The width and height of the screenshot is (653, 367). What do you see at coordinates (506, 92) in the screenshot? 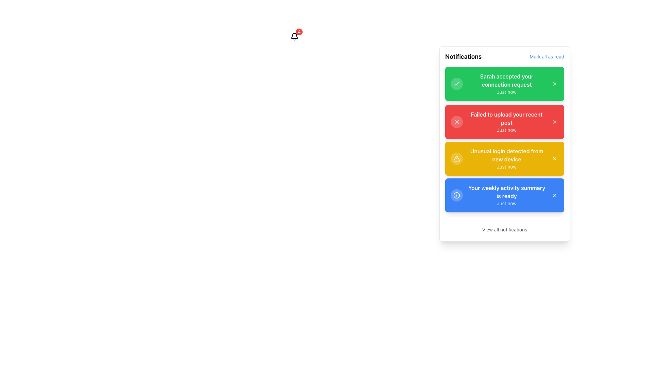
I see `text 'Just now' displayed in a small and semi-transparent font beneath the bold text 'Sarah accepted your connection request' in the green notification card` at bounding box center [506, 92].